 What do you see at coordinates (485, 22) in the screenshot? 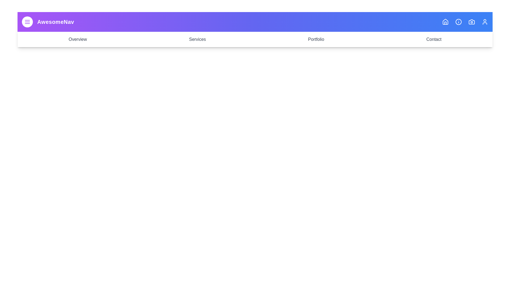
I see `the icon corresponding to User to observe its hover effect` at bounding box center [485, 22].